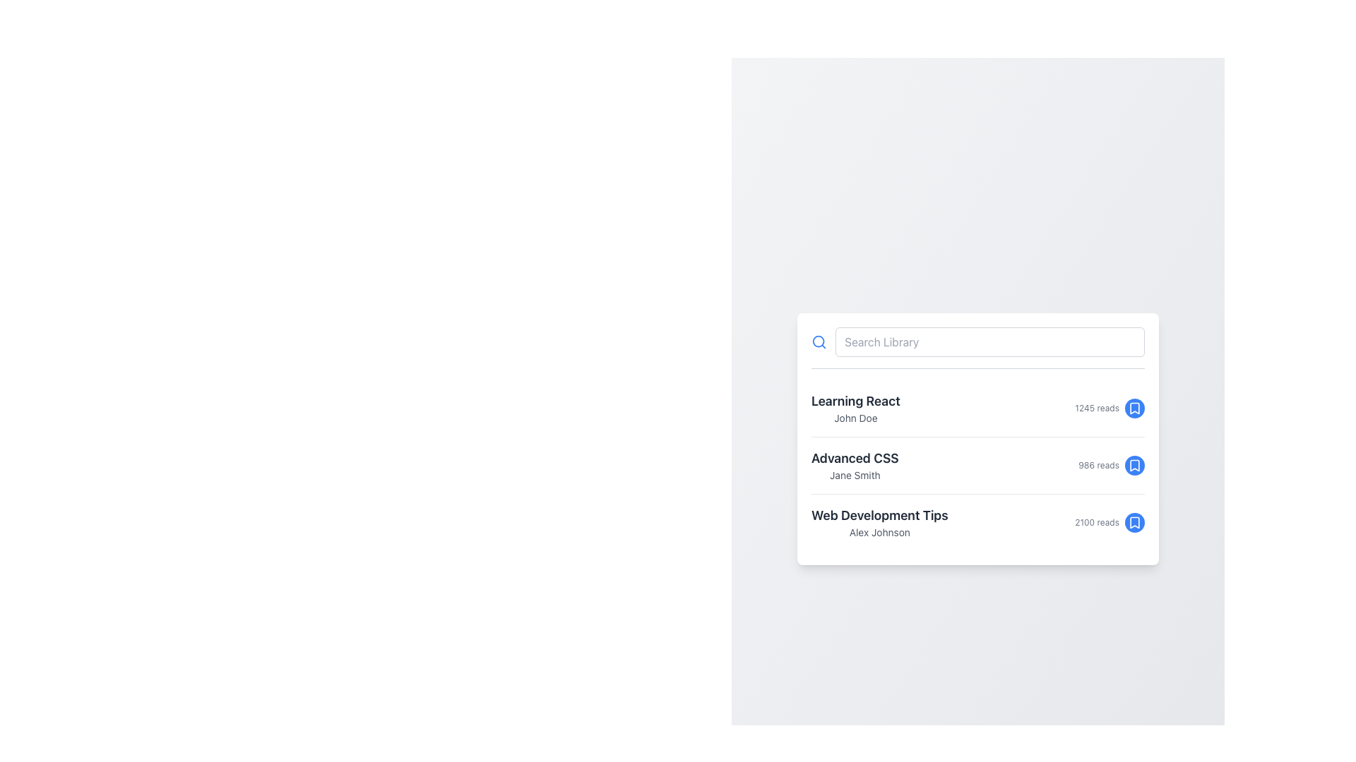 The height and width of the screenshot is (762, 1356). Describe the element at coordinates (1109, 408) in the screenshot. I see `the Text Label displaying '1245 reads'` at that location.